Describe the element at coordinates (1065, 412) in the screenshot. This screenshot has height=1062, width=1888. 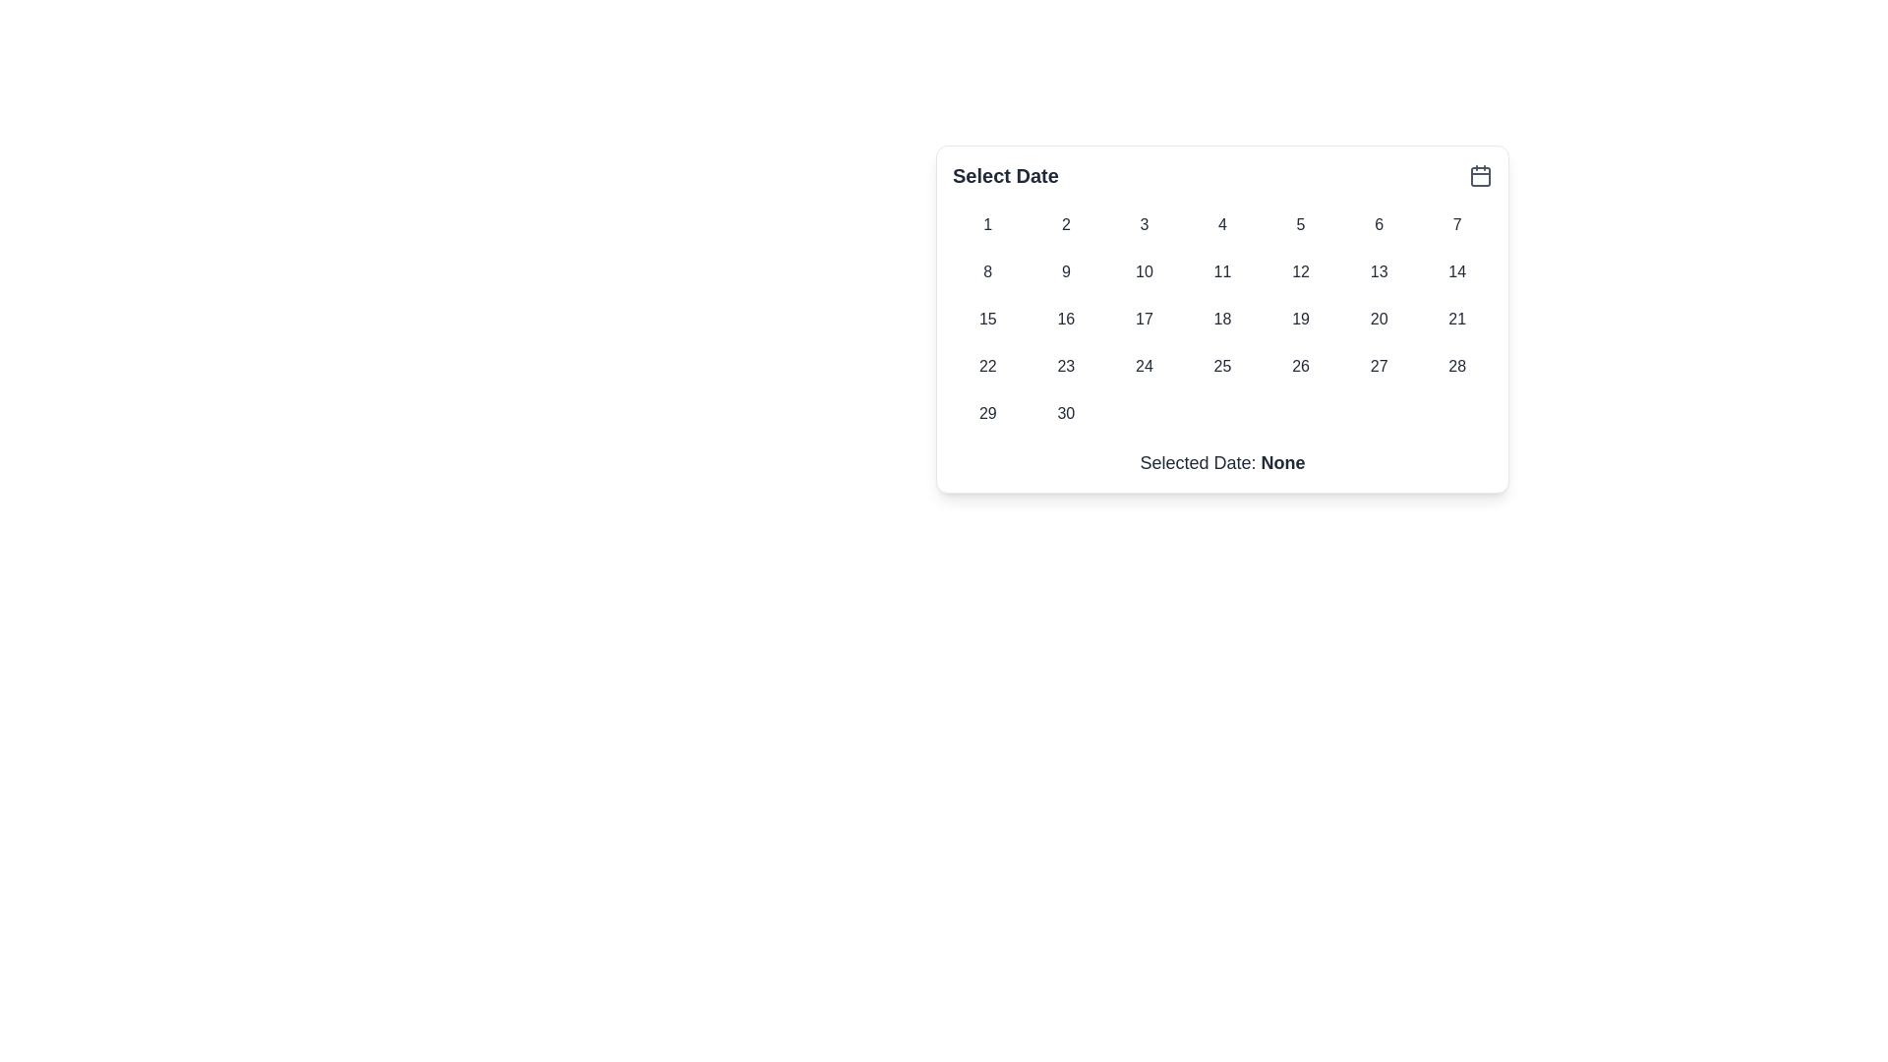
I see `the button representing the 30th day in the calendar` at that location.